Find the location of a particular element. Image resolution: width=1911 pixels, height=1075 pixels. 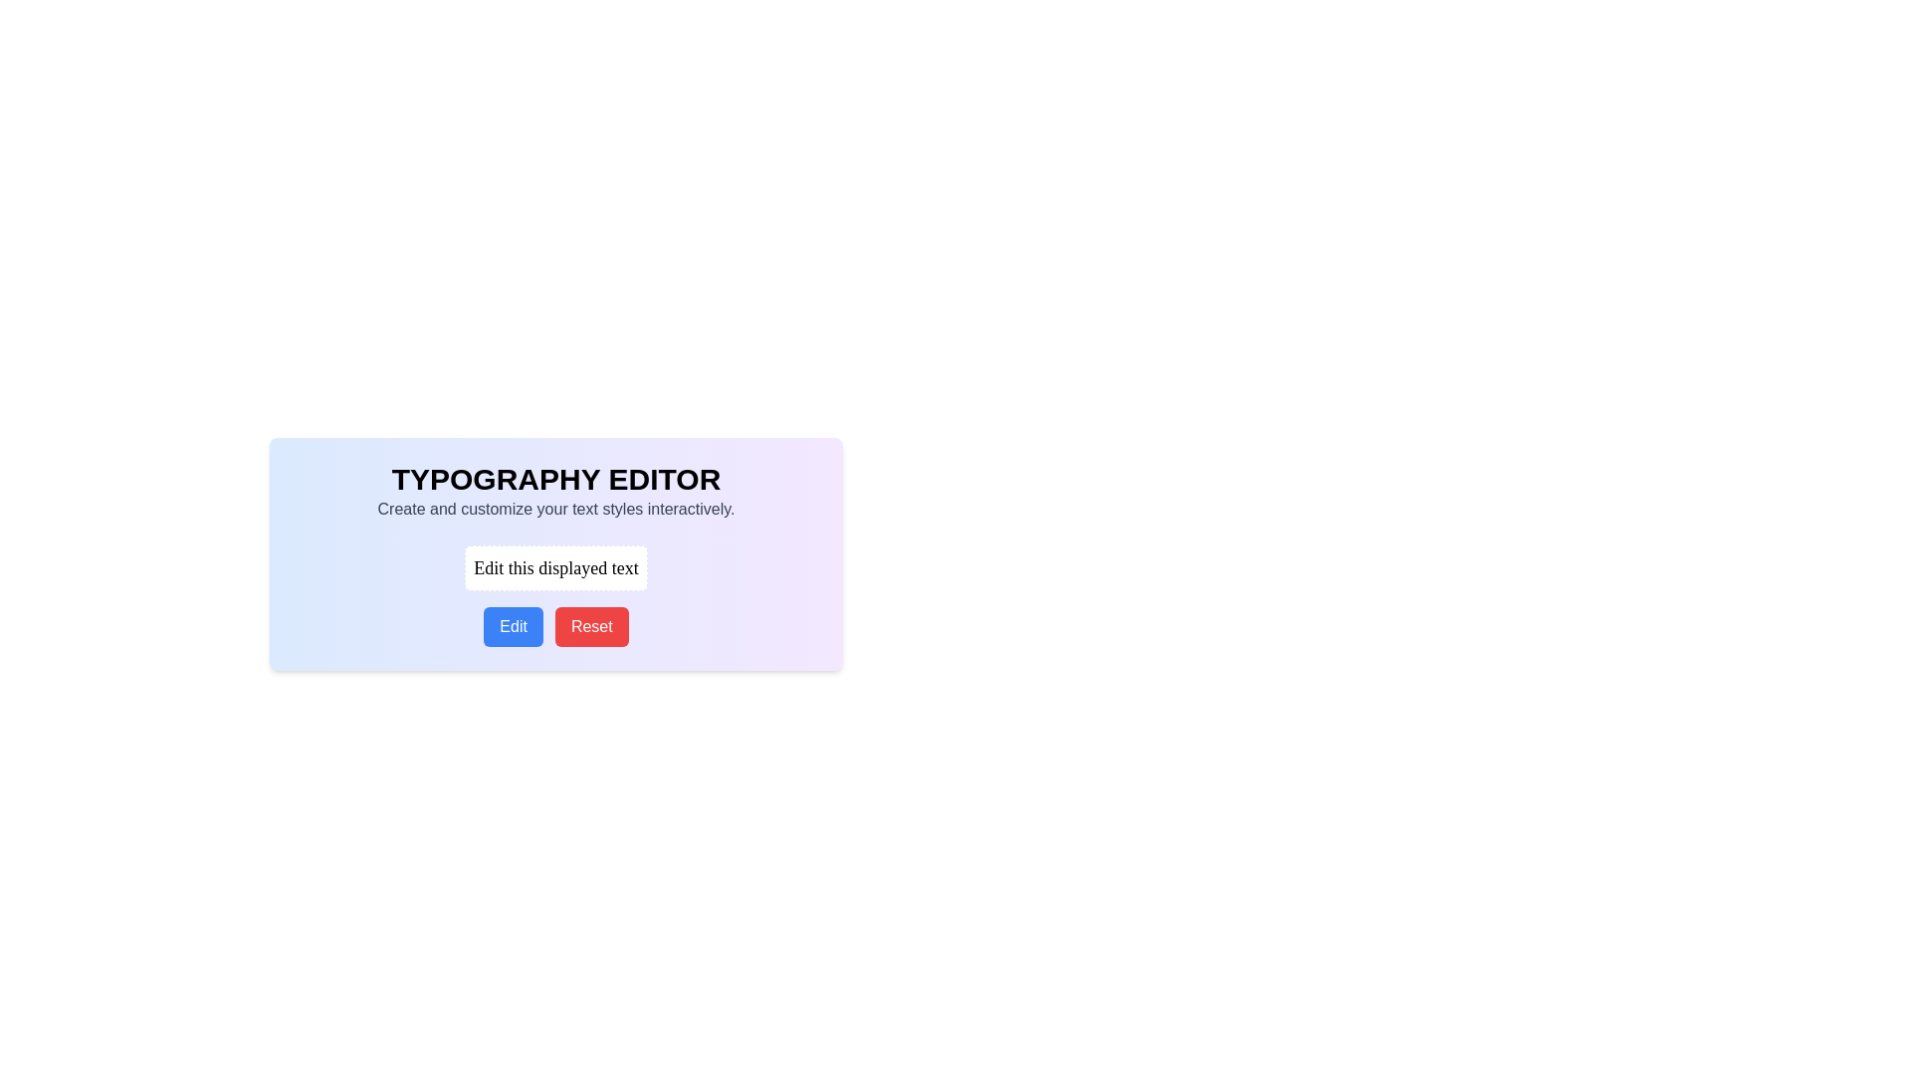

the 'Reset' button in the control group for editing and resetting actions using keyboard navigation is located at coordinates (555, 625).